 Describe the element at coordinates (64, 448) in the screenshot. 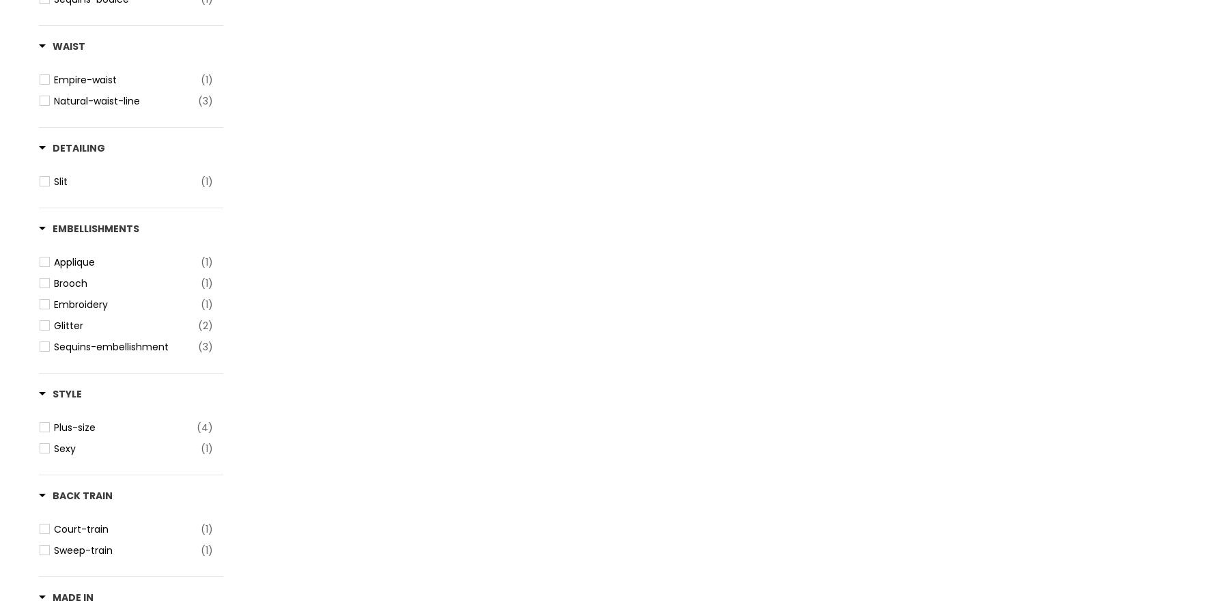

I see `'Sexy'` at that location.